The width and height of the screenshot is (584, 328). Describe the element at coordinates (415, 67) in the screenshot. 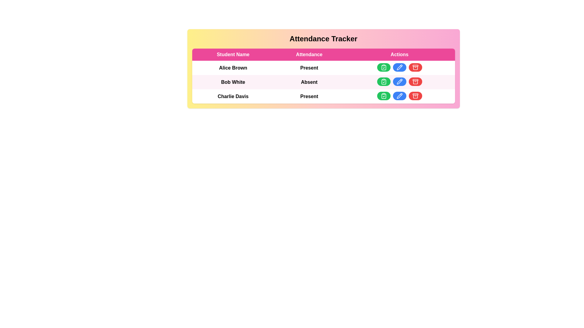

I see `'archive record' button for the student with name Alice Brown` at that location.